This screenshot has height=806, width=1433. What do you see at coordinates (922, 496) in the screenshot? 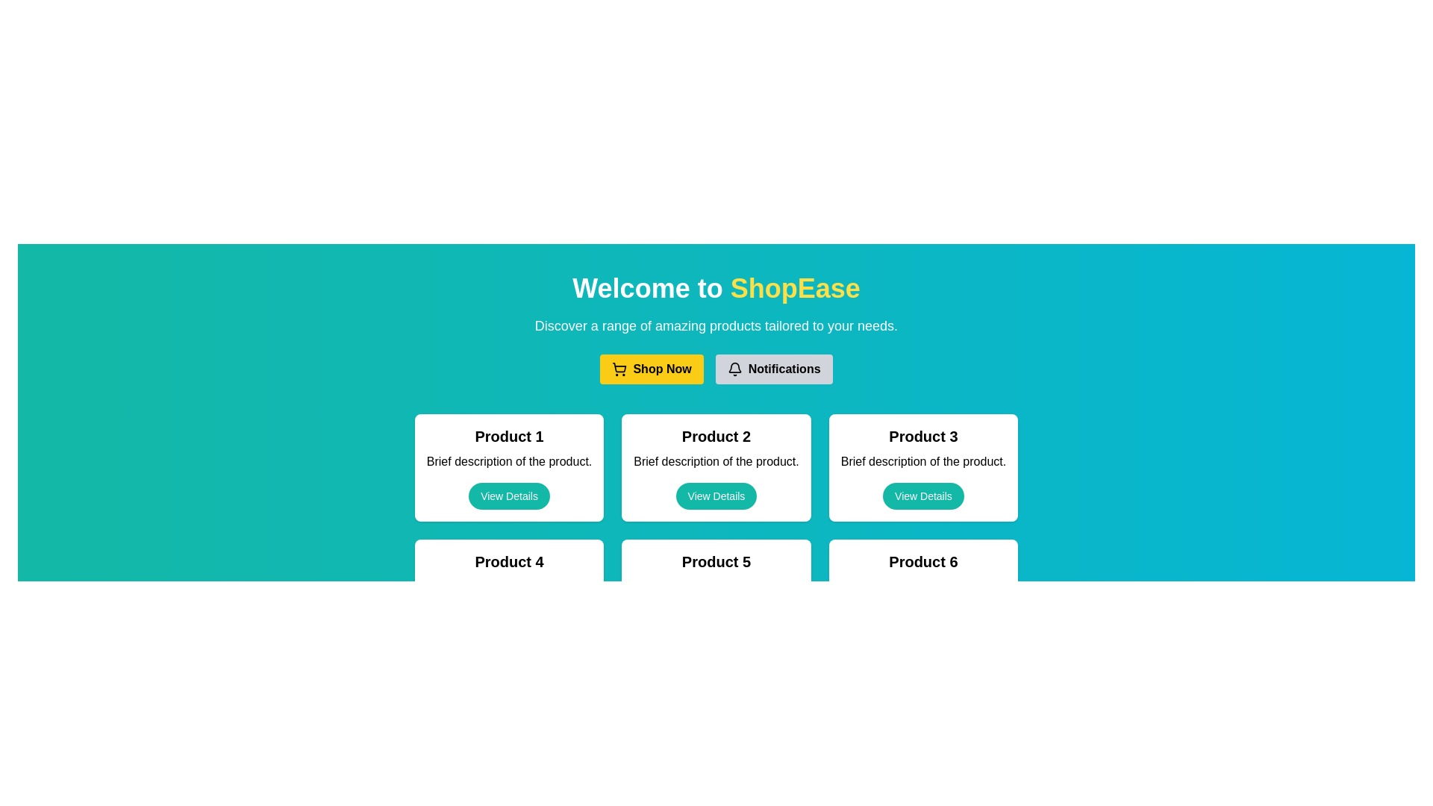
I see `the 'View Details' button, which is the third button in a horizontal row under the 'Product 3' card` at bounding box center [922, 496].